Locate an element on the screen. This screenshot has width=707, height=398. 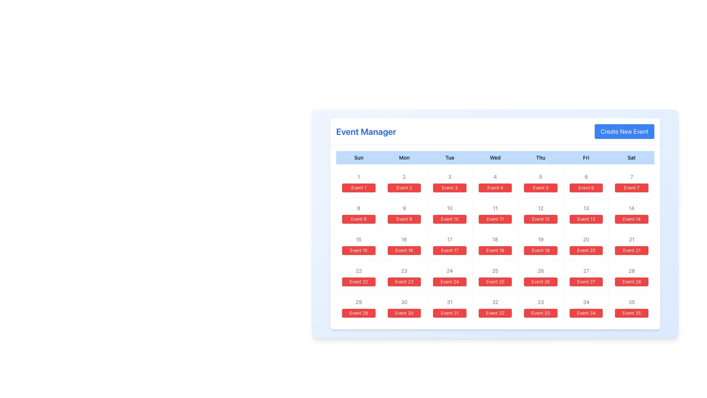
the static text label displaying the number '27' in gray color, located in the top-left section of the calendar date cell representing Friday, above the red button labeled 'Event 27' is located at coordinates (586, 271).